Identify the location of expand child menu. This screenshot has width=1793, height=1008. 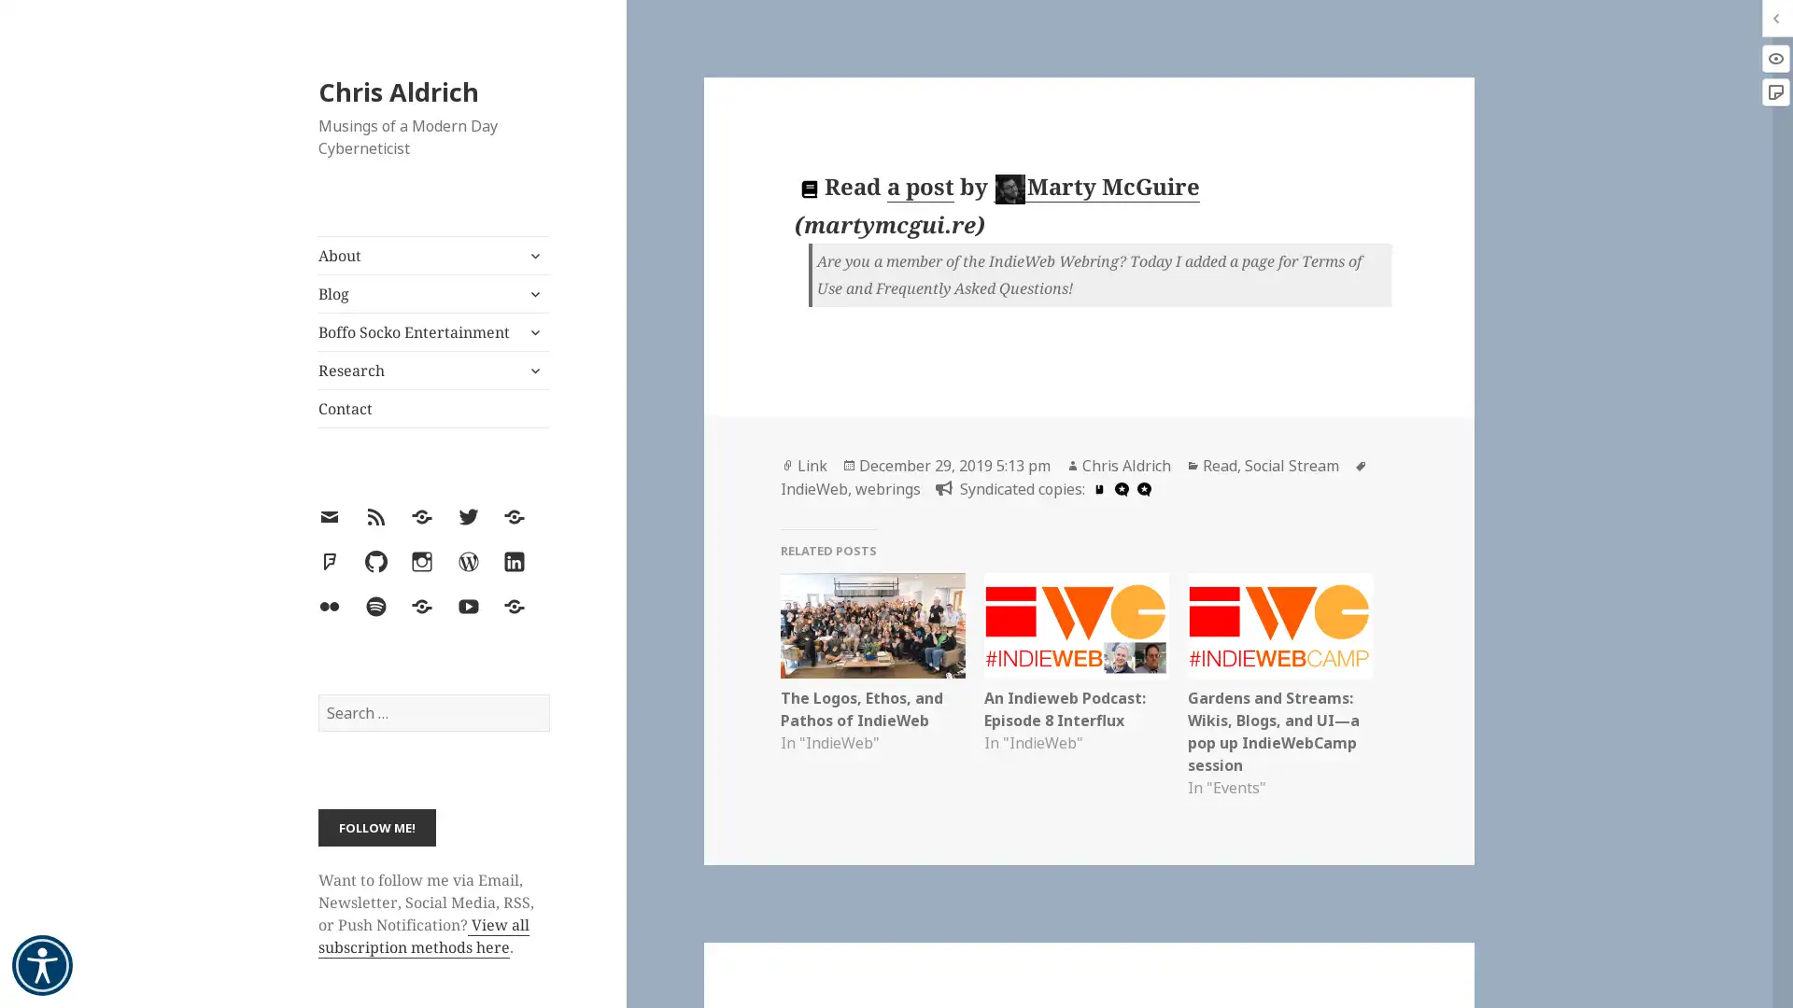
(532, 255).